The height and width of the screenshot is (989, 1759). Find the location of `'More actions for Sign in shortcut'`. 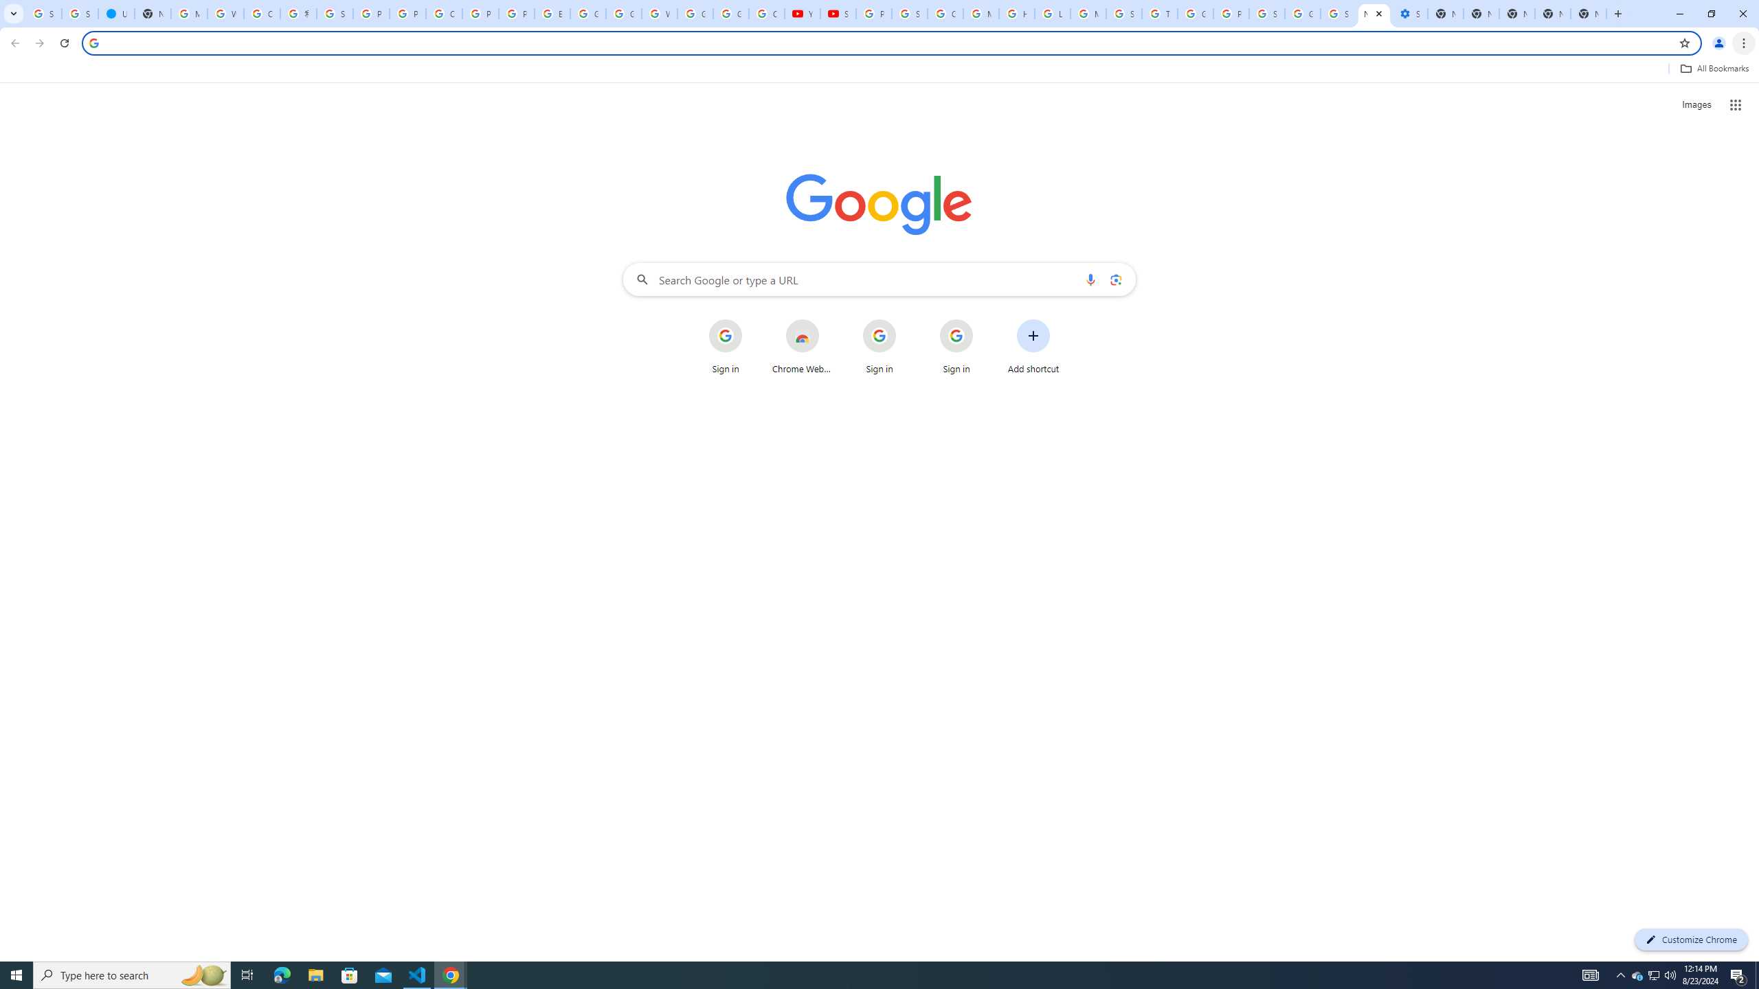

'More actions for Sign in shortcut' is located at coordinates (983, 321).